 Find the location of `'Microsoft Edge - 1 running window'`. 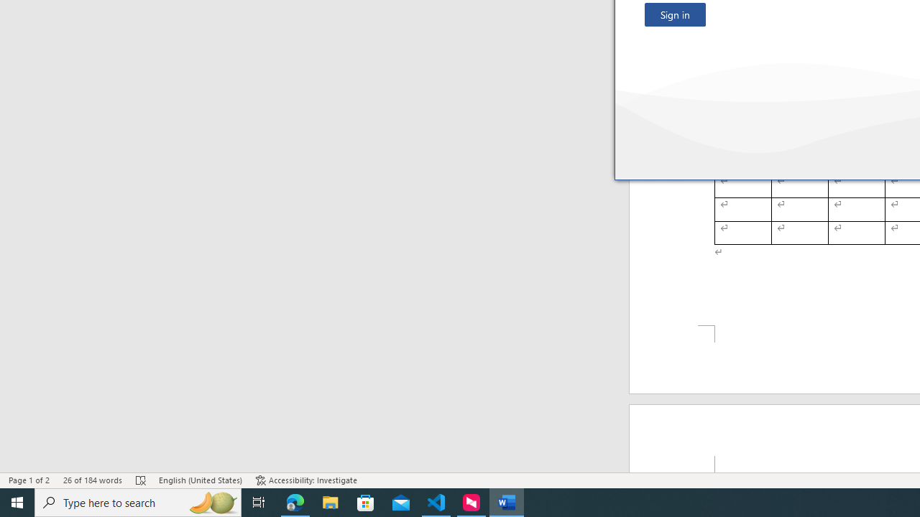

'Microsoft Edge - 1 running window' is located at coordinates (295, 501).